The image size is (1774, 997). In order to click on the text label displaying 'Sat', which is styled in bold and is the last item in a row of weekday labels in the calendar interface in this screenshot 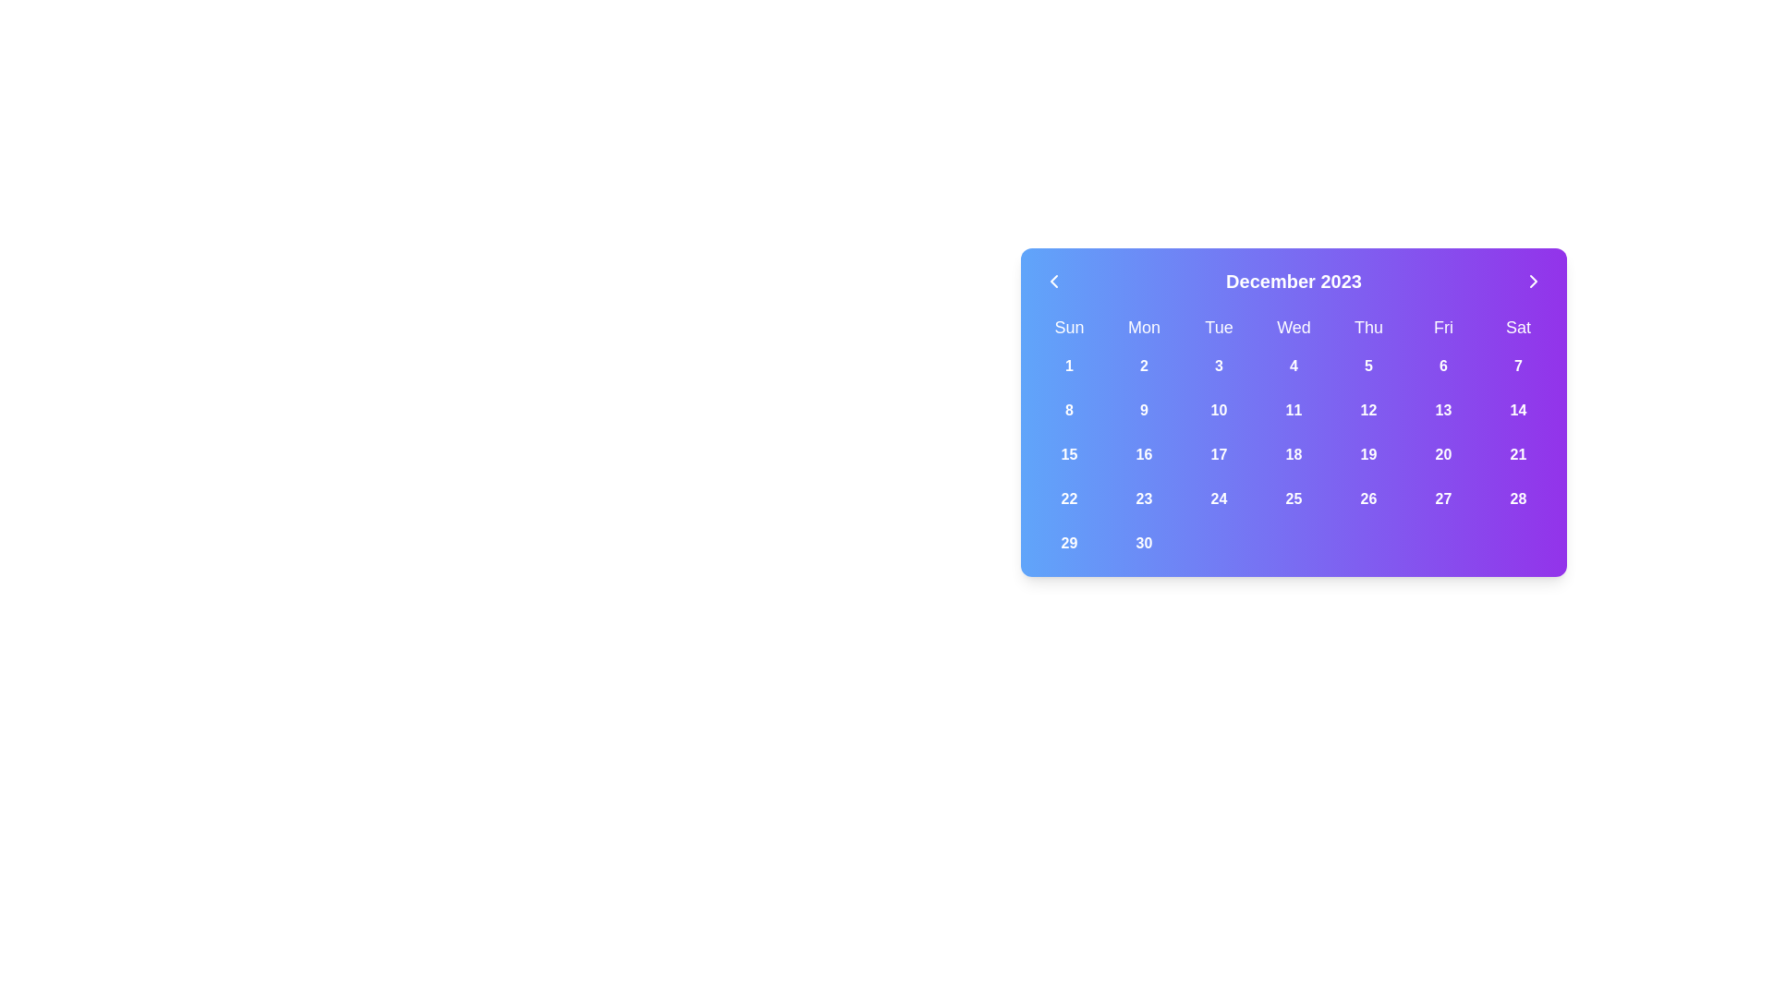, I will do `click(1518, 326)`.